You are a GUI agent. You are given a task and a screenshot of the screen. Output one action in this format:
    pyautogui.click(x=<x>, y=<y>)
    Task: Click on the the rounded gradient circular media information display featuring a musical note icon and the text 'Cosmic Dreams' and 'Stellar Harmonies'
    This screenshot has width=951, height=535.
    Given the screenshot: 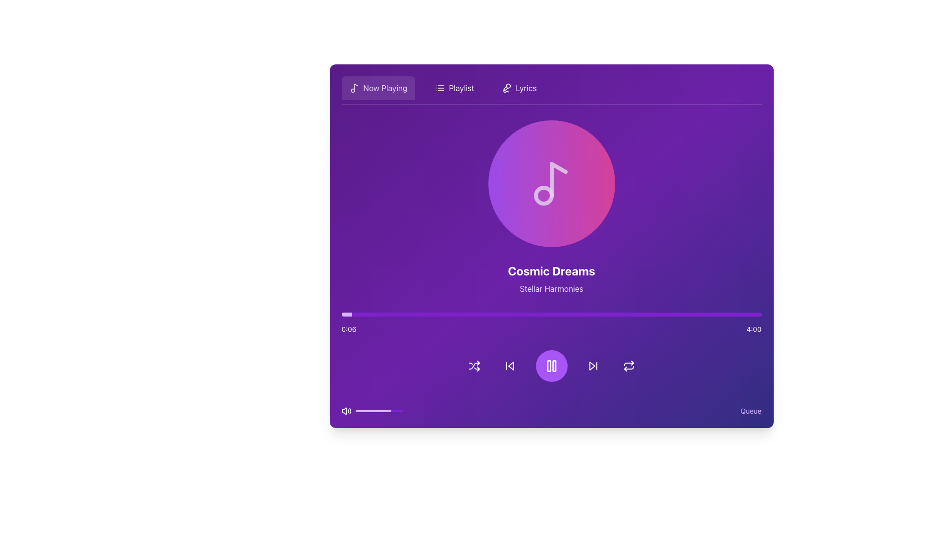 What is the action you would take?
    pyautogui.click(x=551, y=250)
    